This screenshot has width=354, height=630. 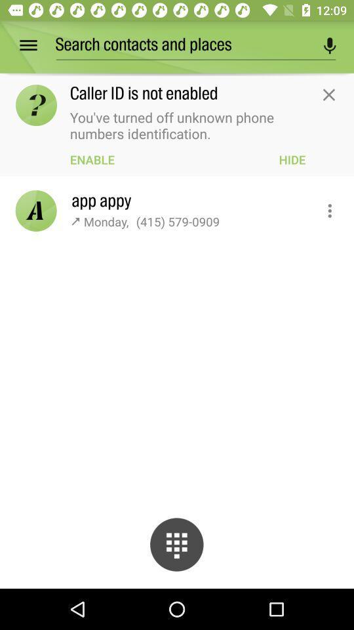 I want to click on the menu icon, so click(x=37, y=45).